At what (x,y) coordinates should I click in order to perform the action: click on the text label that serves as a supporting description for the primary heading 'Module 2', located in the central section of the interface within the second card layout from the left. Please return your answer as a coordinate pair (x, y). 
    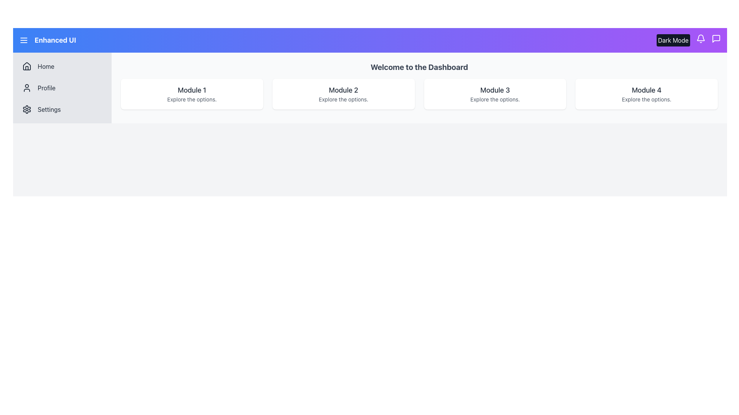
    Looking at the image, I should click on (343, 99).